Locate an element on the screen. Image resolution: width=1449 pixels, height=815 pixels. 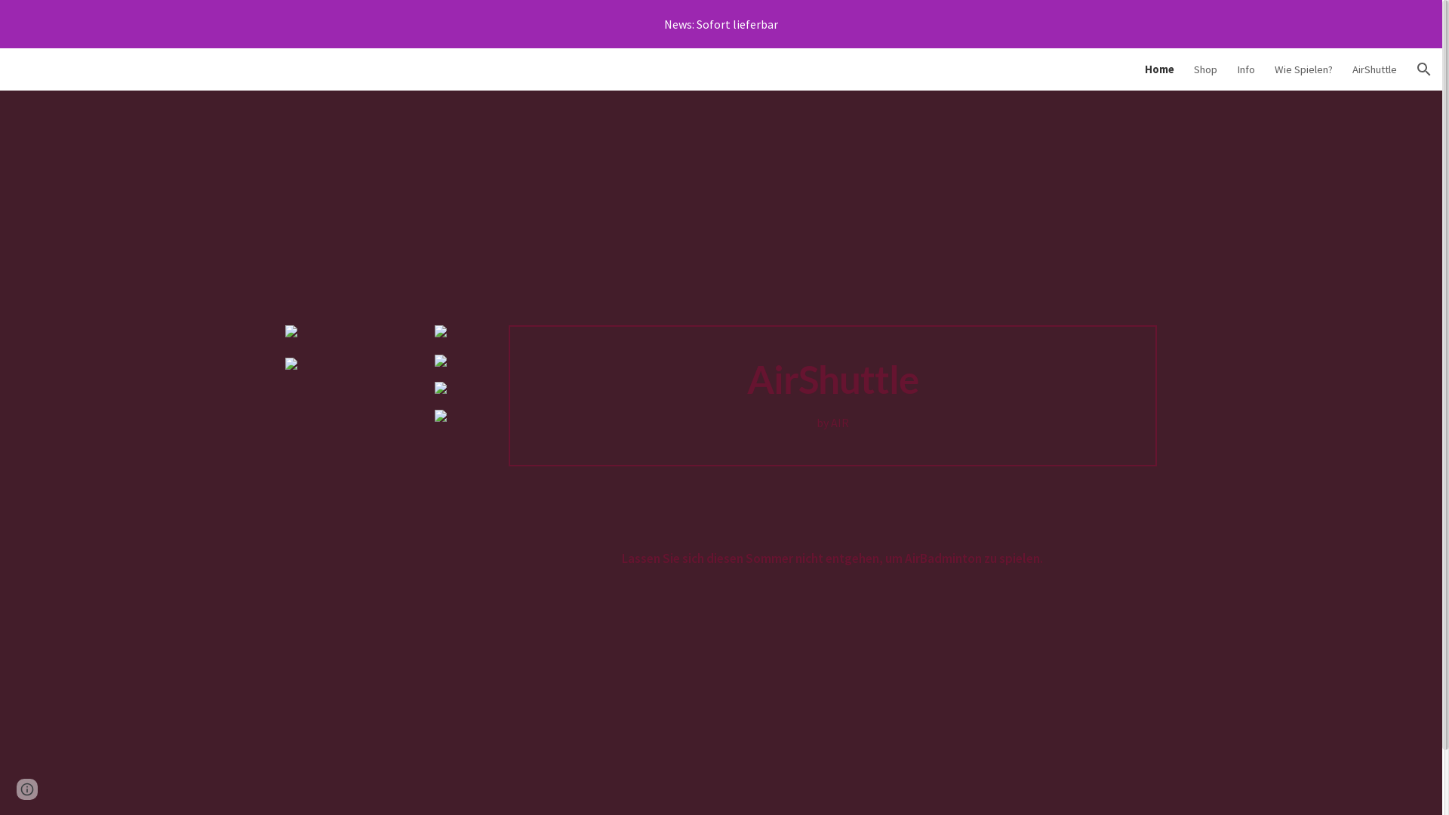
'Home' is located at coordinates (1144, 69).